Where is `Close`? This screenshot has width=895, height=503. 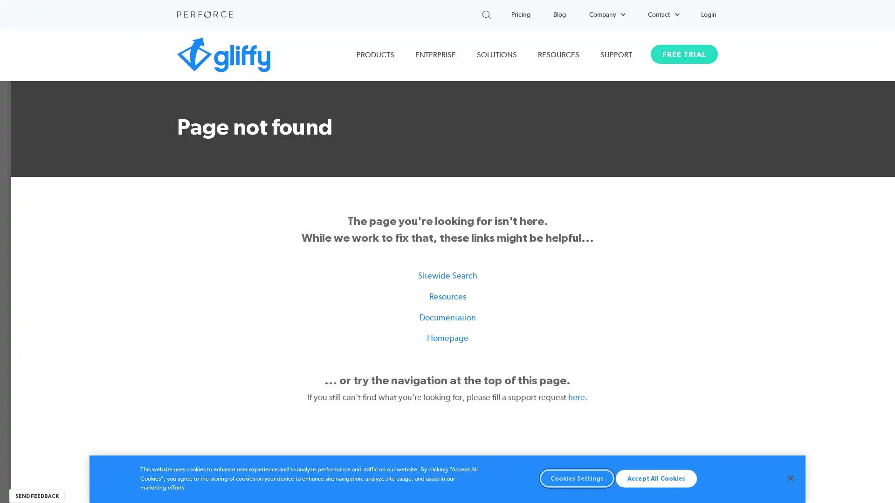 Close is located at coordinates (790, 478).